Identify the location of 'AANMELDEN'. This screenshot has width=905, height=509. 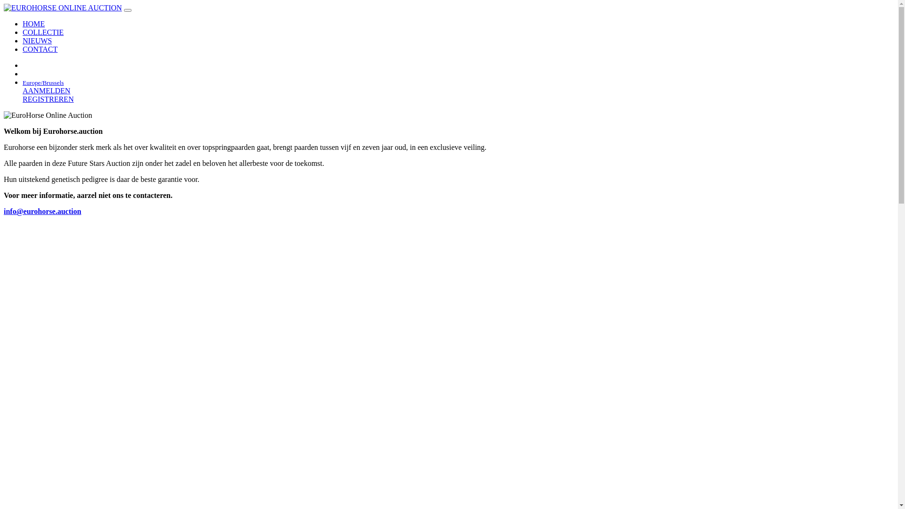
(46, 90).